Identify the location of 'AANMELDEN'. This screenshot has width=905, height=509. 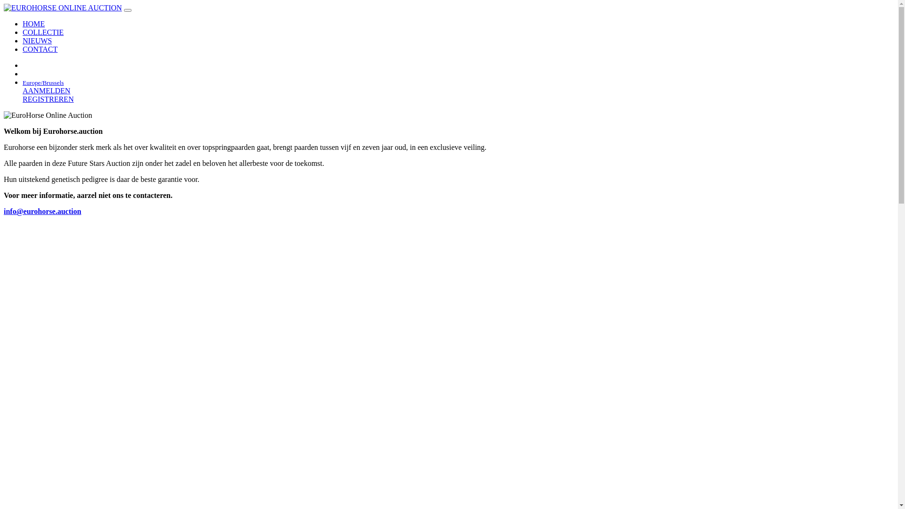
(46, 90).